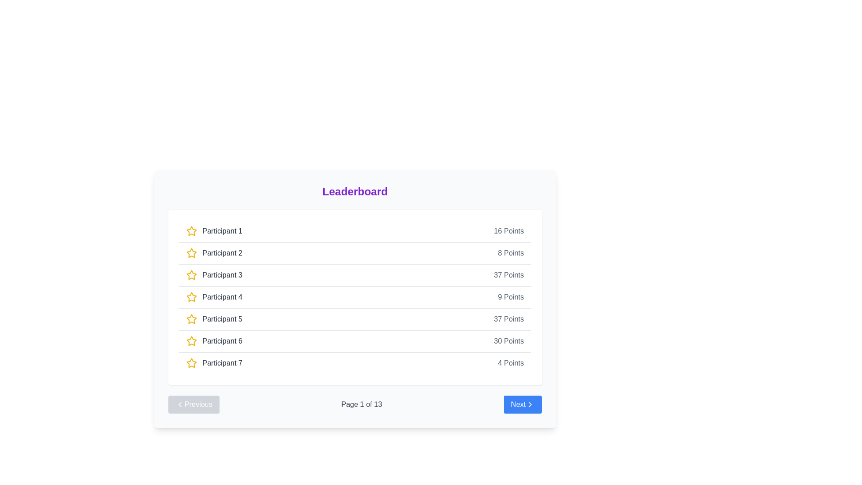 This screenshot has height=485, width=862. I want to click on the first participant's entry in the leaderboard, so click(355, 231).